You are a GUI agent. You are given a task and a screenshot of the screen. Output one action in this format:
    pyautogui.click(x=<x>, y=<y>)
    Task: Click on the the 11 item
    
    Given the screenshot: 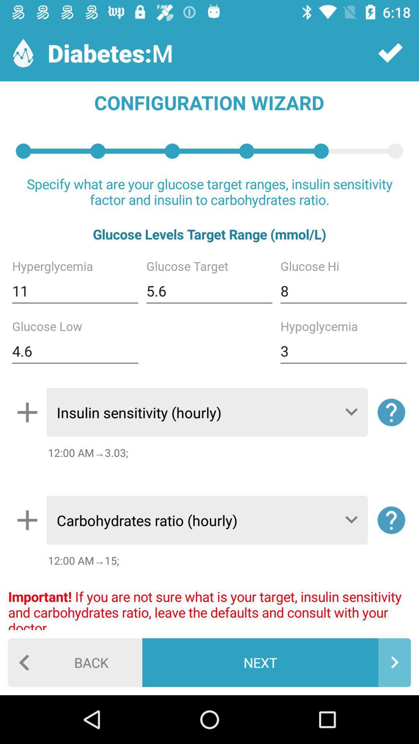 What is the action you would take?
    pyautogui.click(x=75, y=291)
    